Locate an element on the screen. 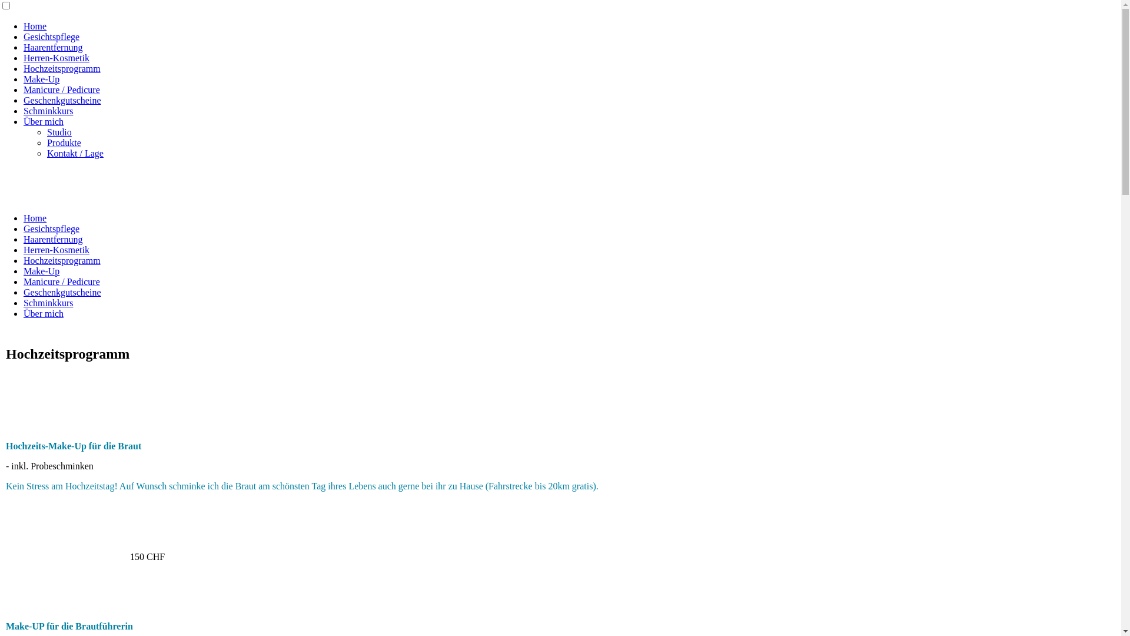  'Herren-Kosmetik' is located at coordinates (56, 58).